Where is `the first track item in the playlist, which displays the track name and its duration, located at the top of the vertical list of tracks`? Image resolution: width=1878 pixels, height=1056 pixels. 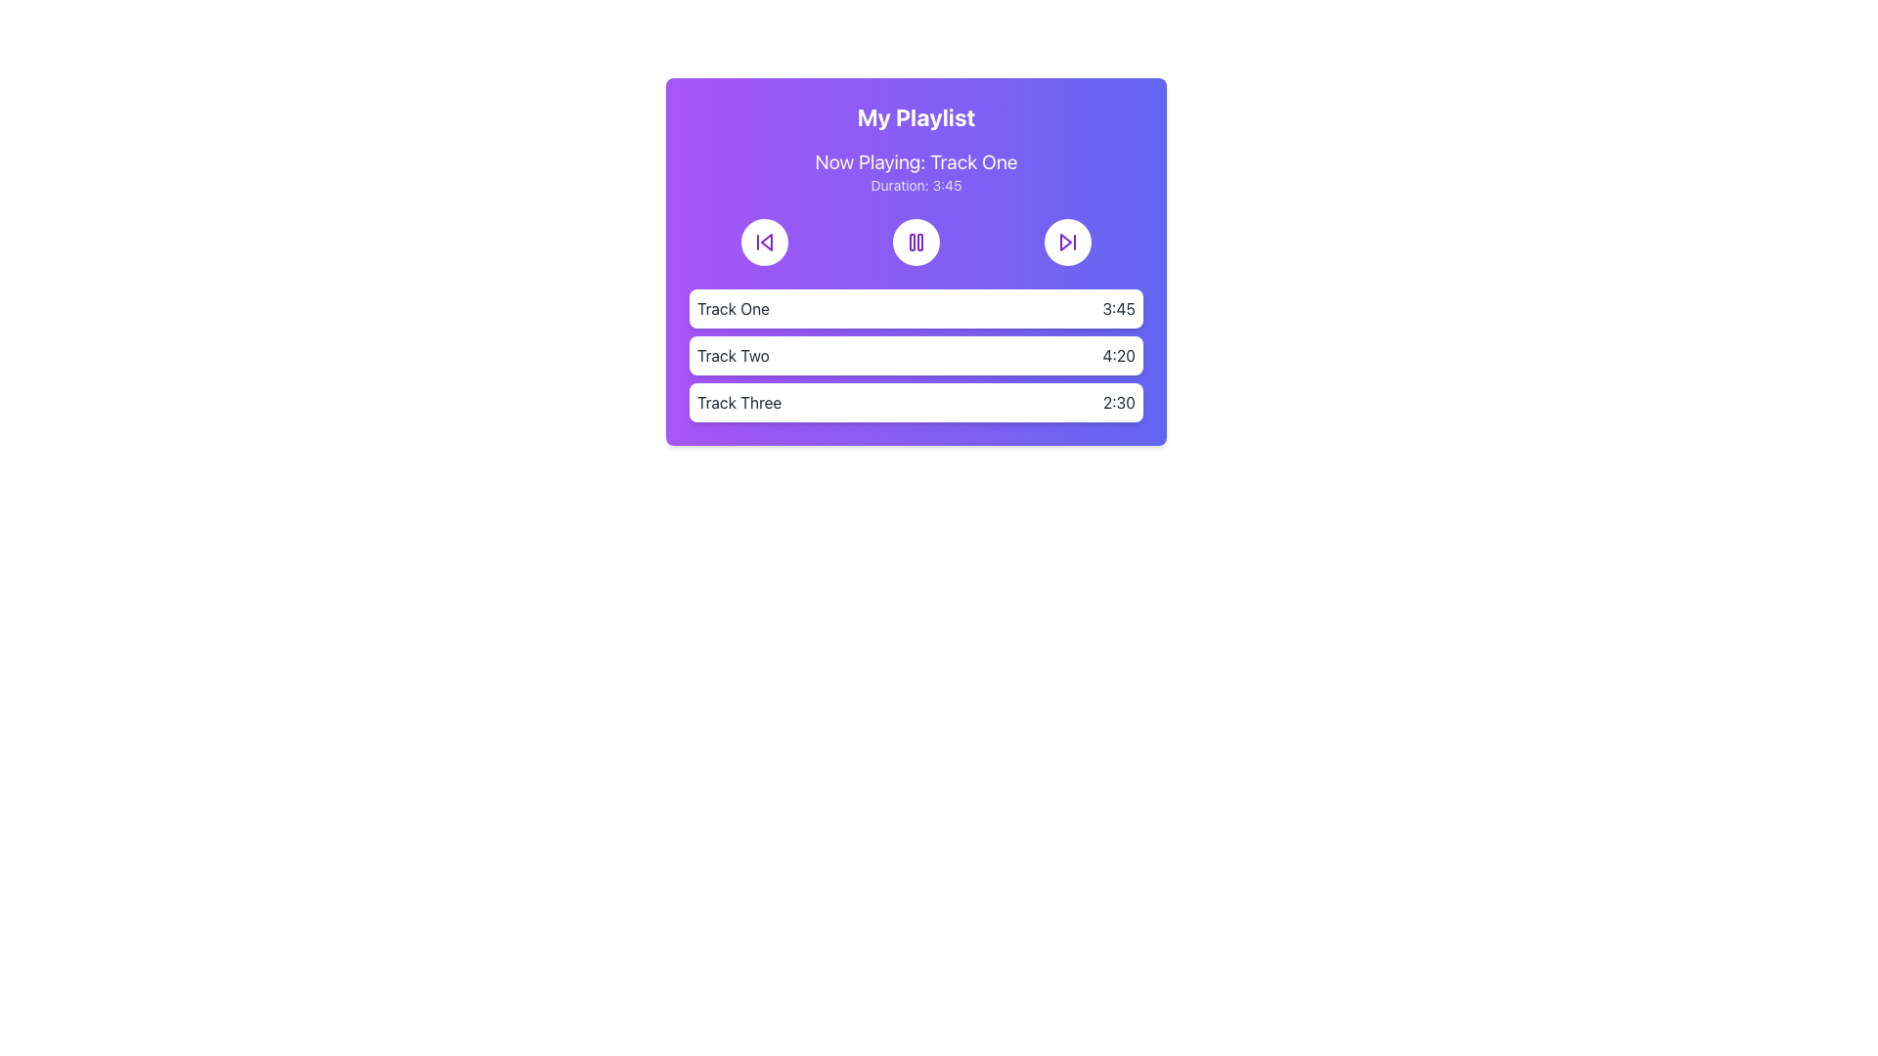
the first track item in the playlist, which displays the track name and its duration, located at the top of the vertical list of tracks is located at coordinates (915, 308).